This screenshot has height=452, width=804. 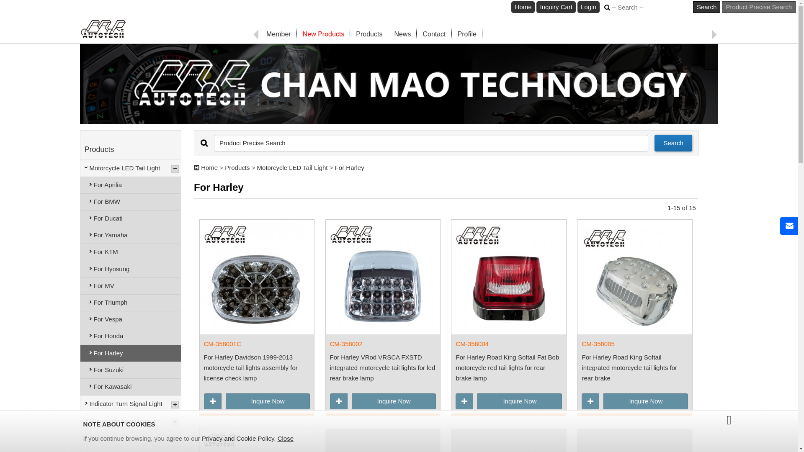 What do you see at coordinates (339, 401) in the screenshot?
I see `'Add to Inquiry Cart'` at bounding box center [339, 401].